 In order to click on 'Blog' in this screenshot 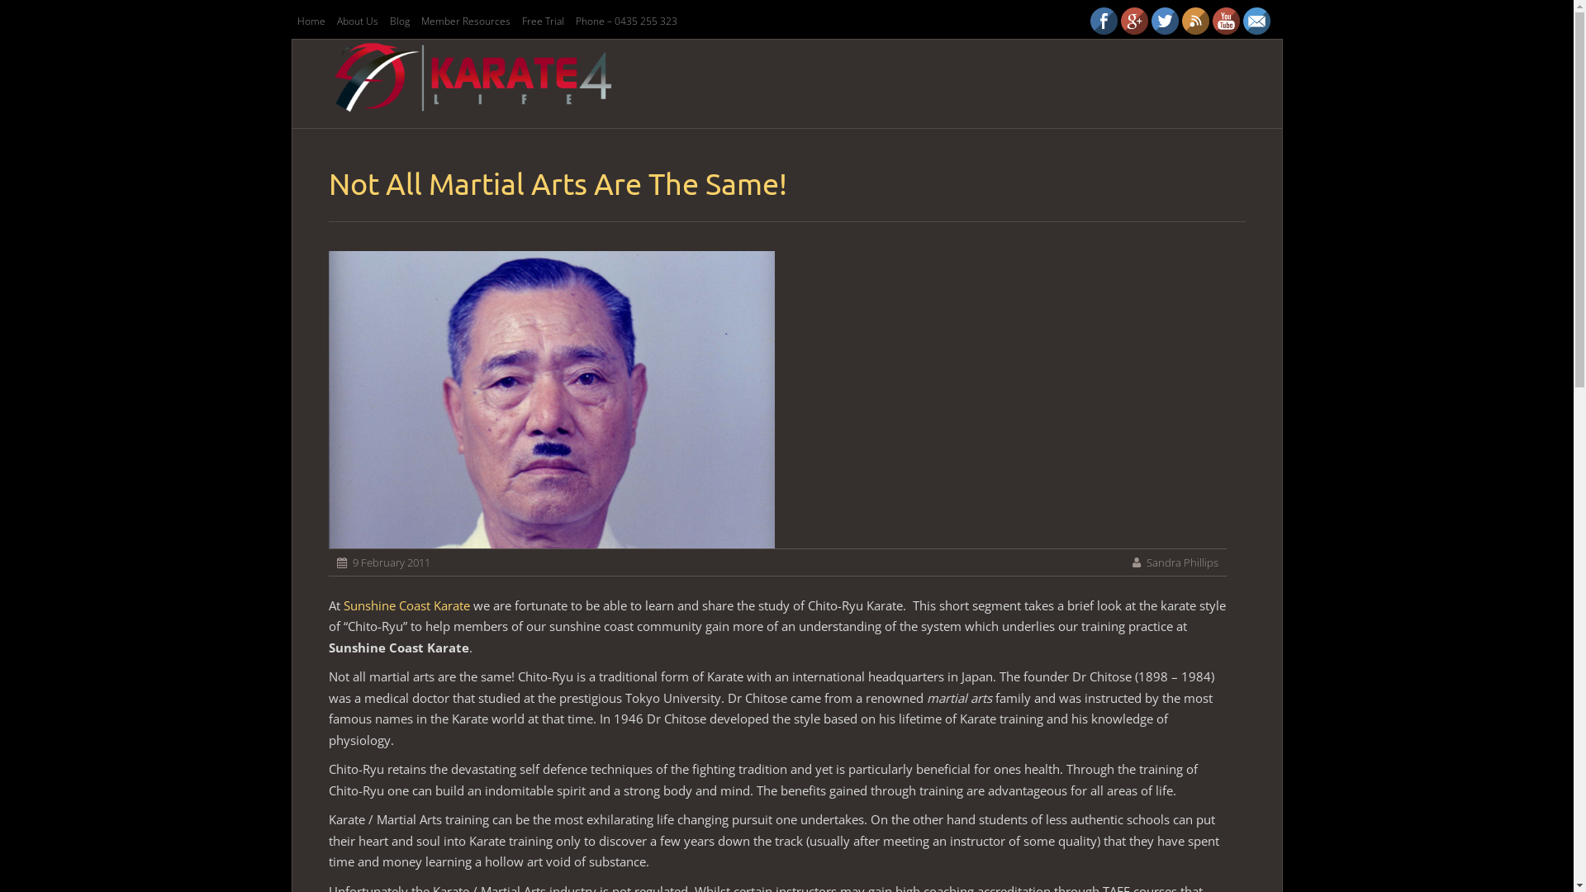, I will do `click(399, 21)`.